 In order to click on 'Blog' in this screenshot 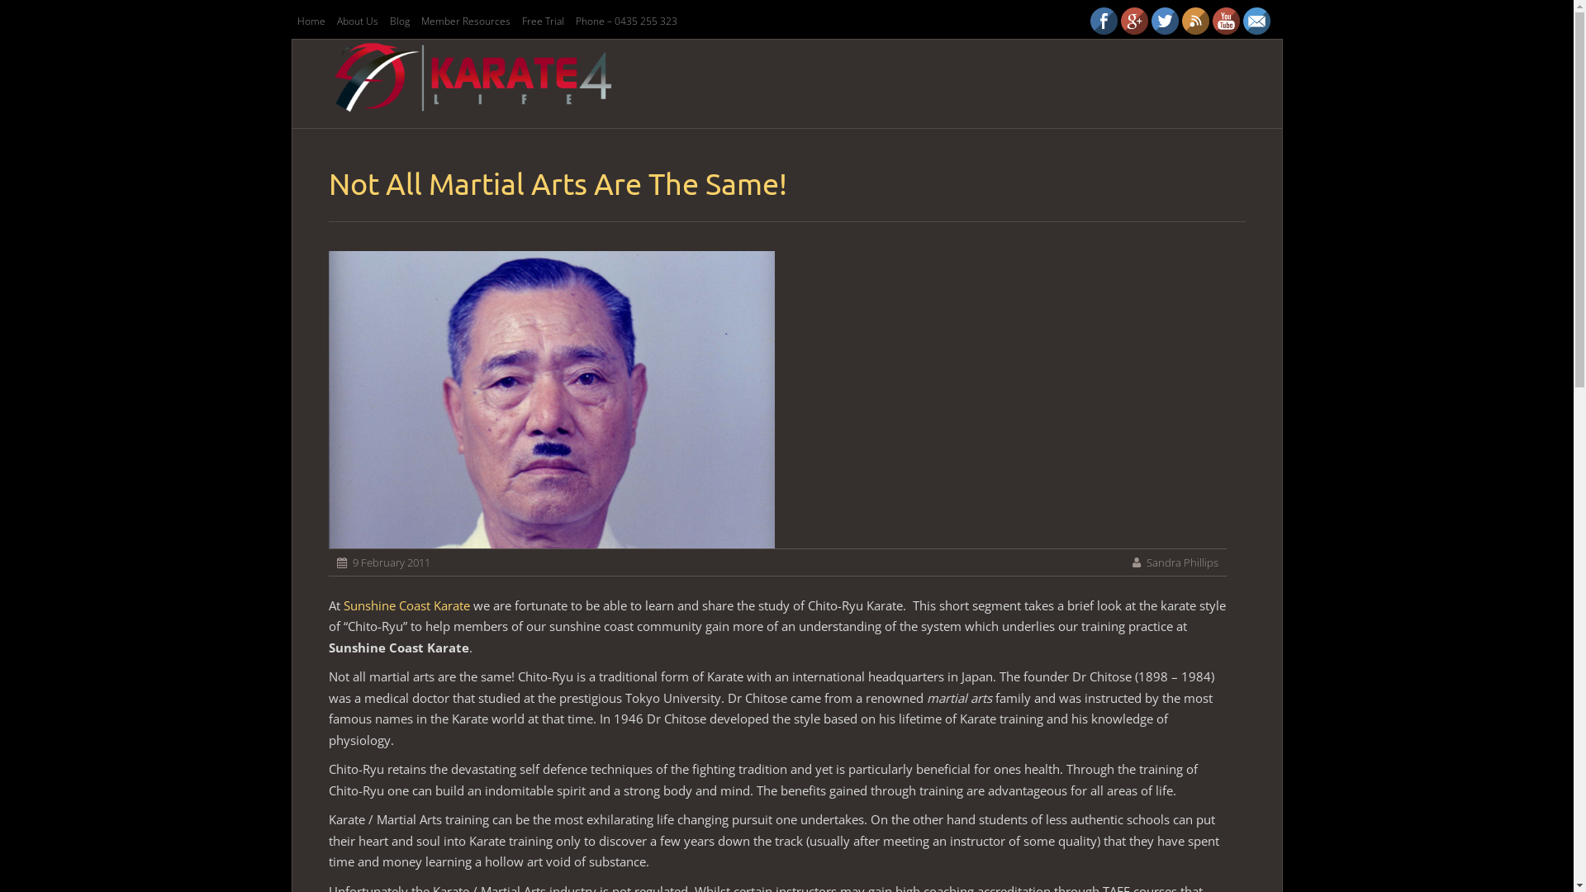, I will do `click(399, 21)`.